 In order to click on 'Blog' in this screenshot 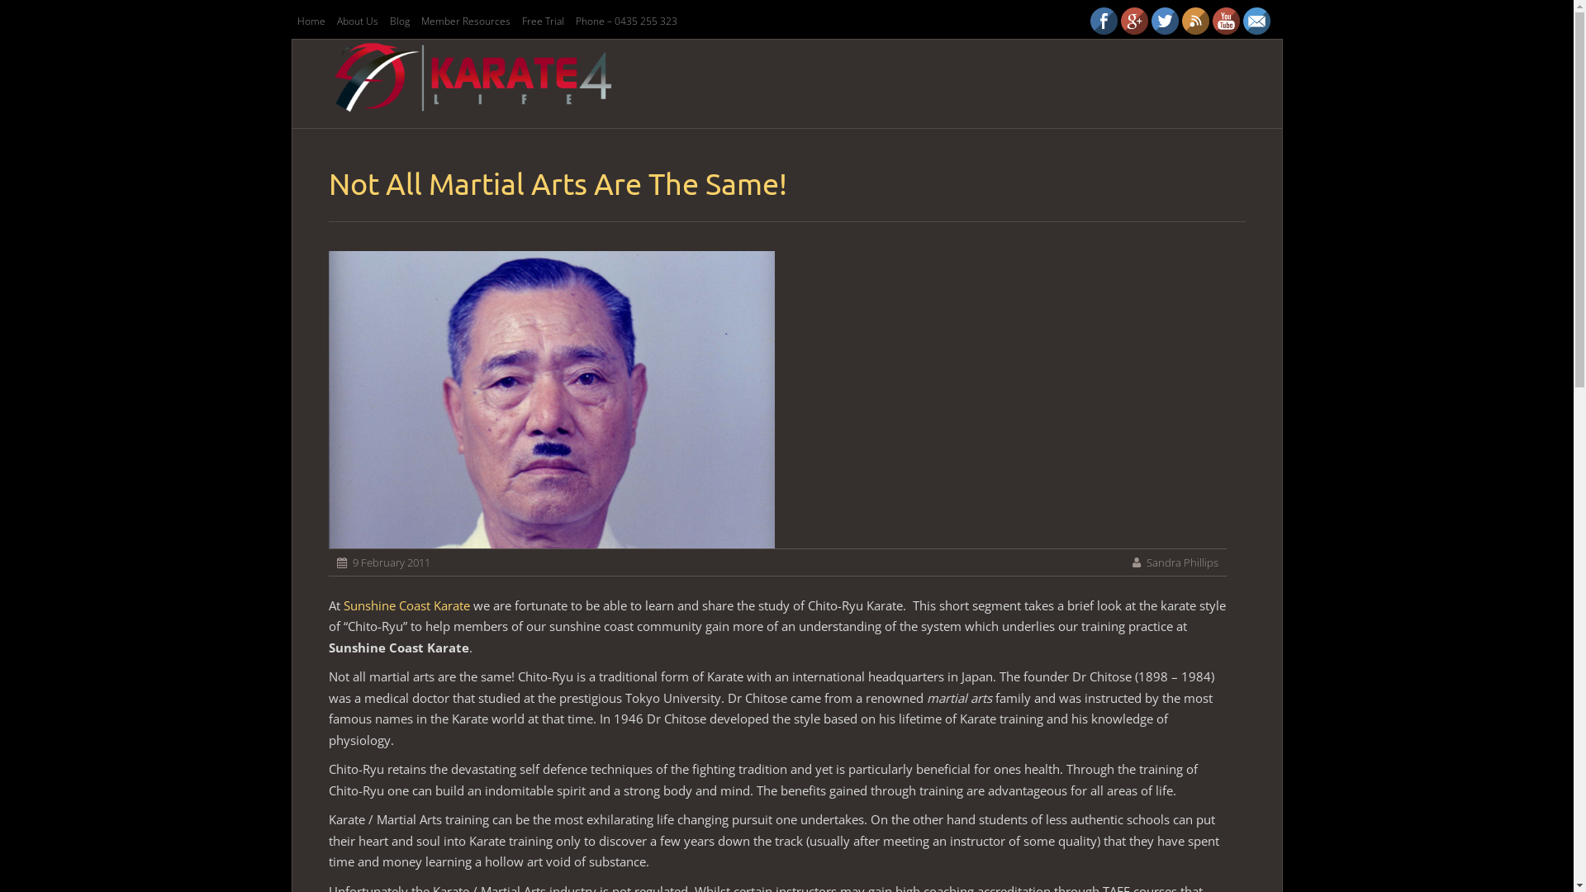, I will do `click(399, 21)`.